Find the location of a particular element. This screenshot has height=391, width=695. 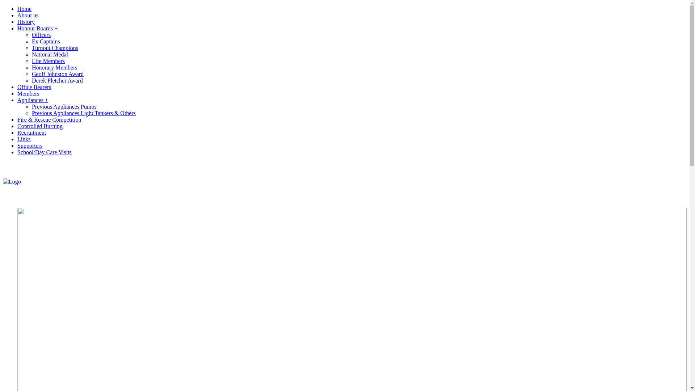

'Honorary Members' is located at coordinates (54, 67).